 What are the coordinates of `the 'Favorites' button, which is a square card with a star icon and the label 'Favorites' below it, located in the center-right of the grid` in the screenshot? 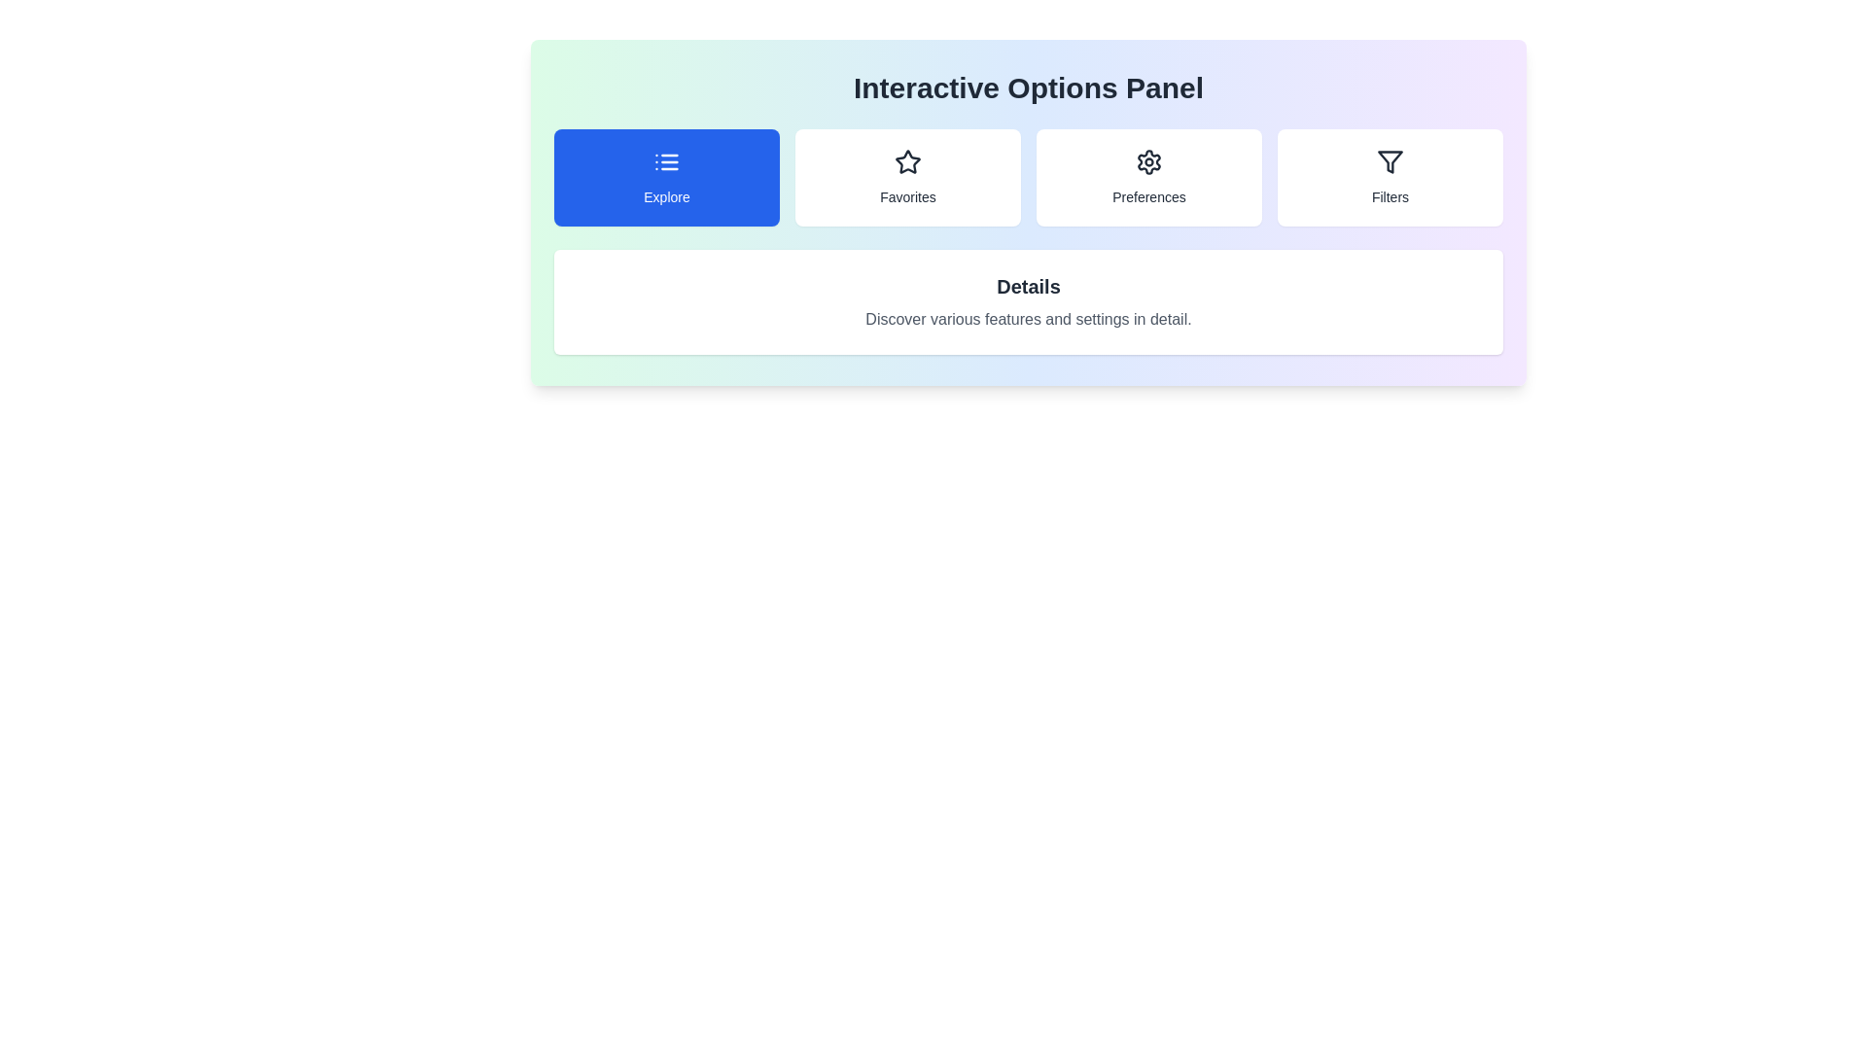 It's located at (907, 177).